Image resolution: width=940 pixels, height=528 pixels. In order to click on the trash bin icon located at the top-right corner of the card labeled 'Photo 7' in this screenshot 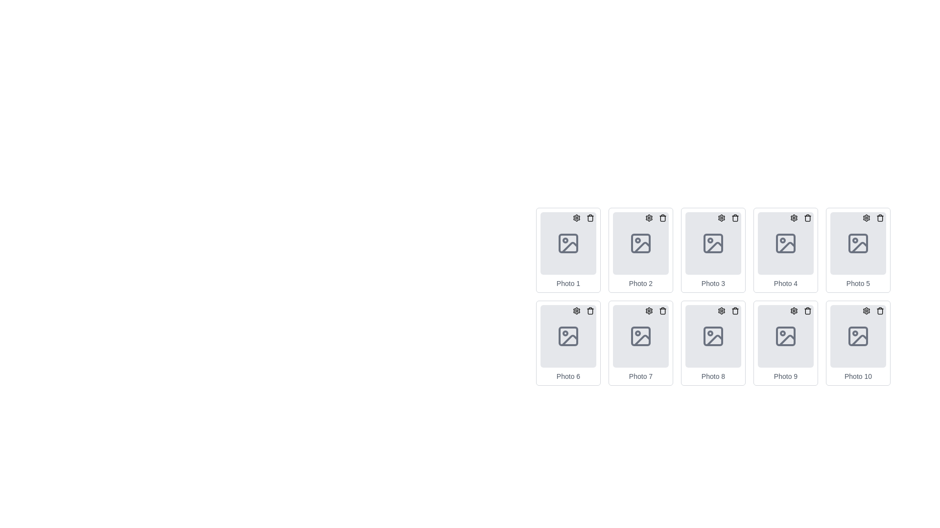, I will do `click(662, 311)`.